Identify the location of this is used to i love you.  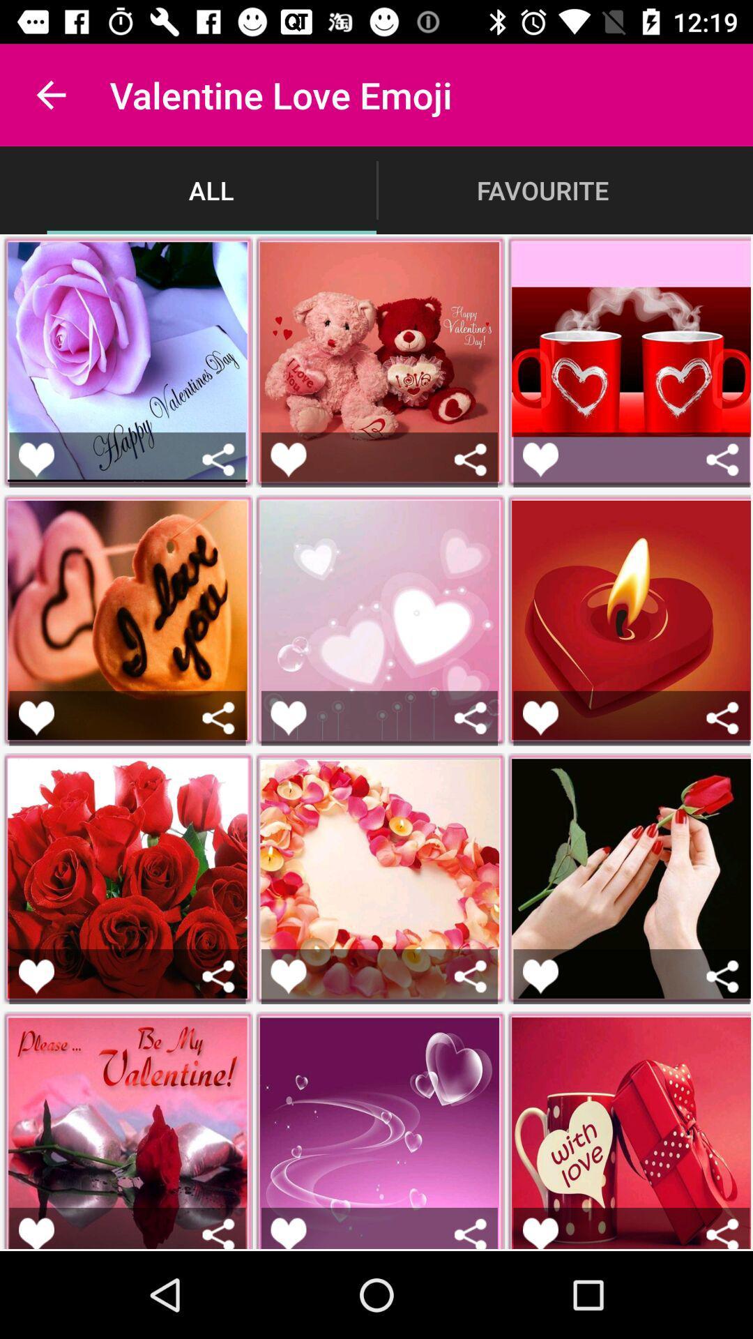
(287, 1233).